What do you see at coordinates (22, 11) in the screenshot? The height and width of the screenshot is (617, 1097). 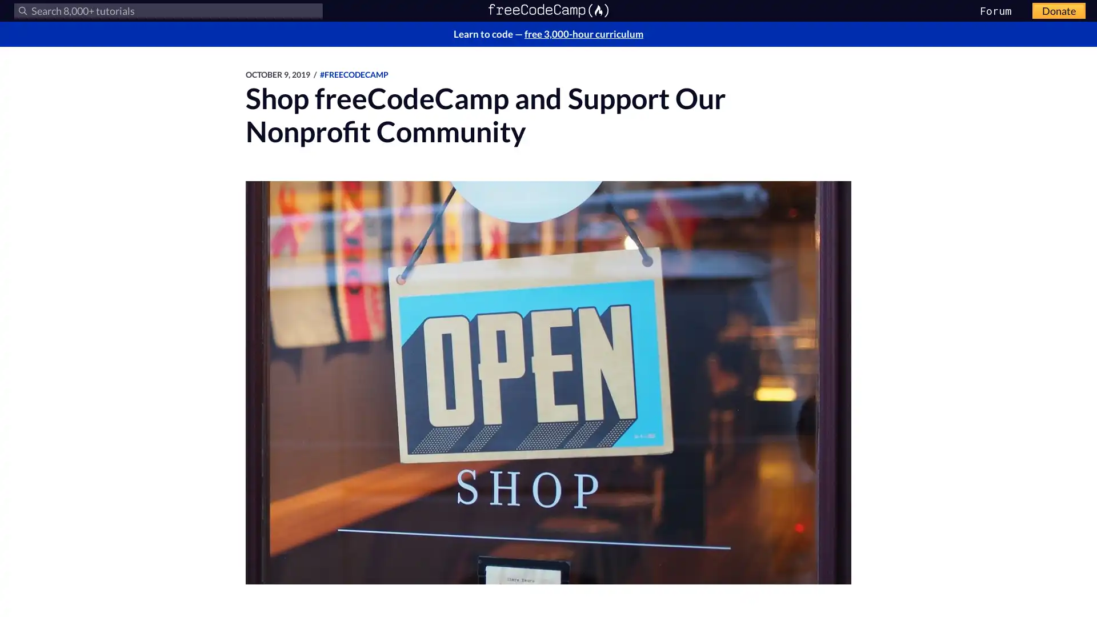 I see `Submit your search query` at bounding box center [22, 11].